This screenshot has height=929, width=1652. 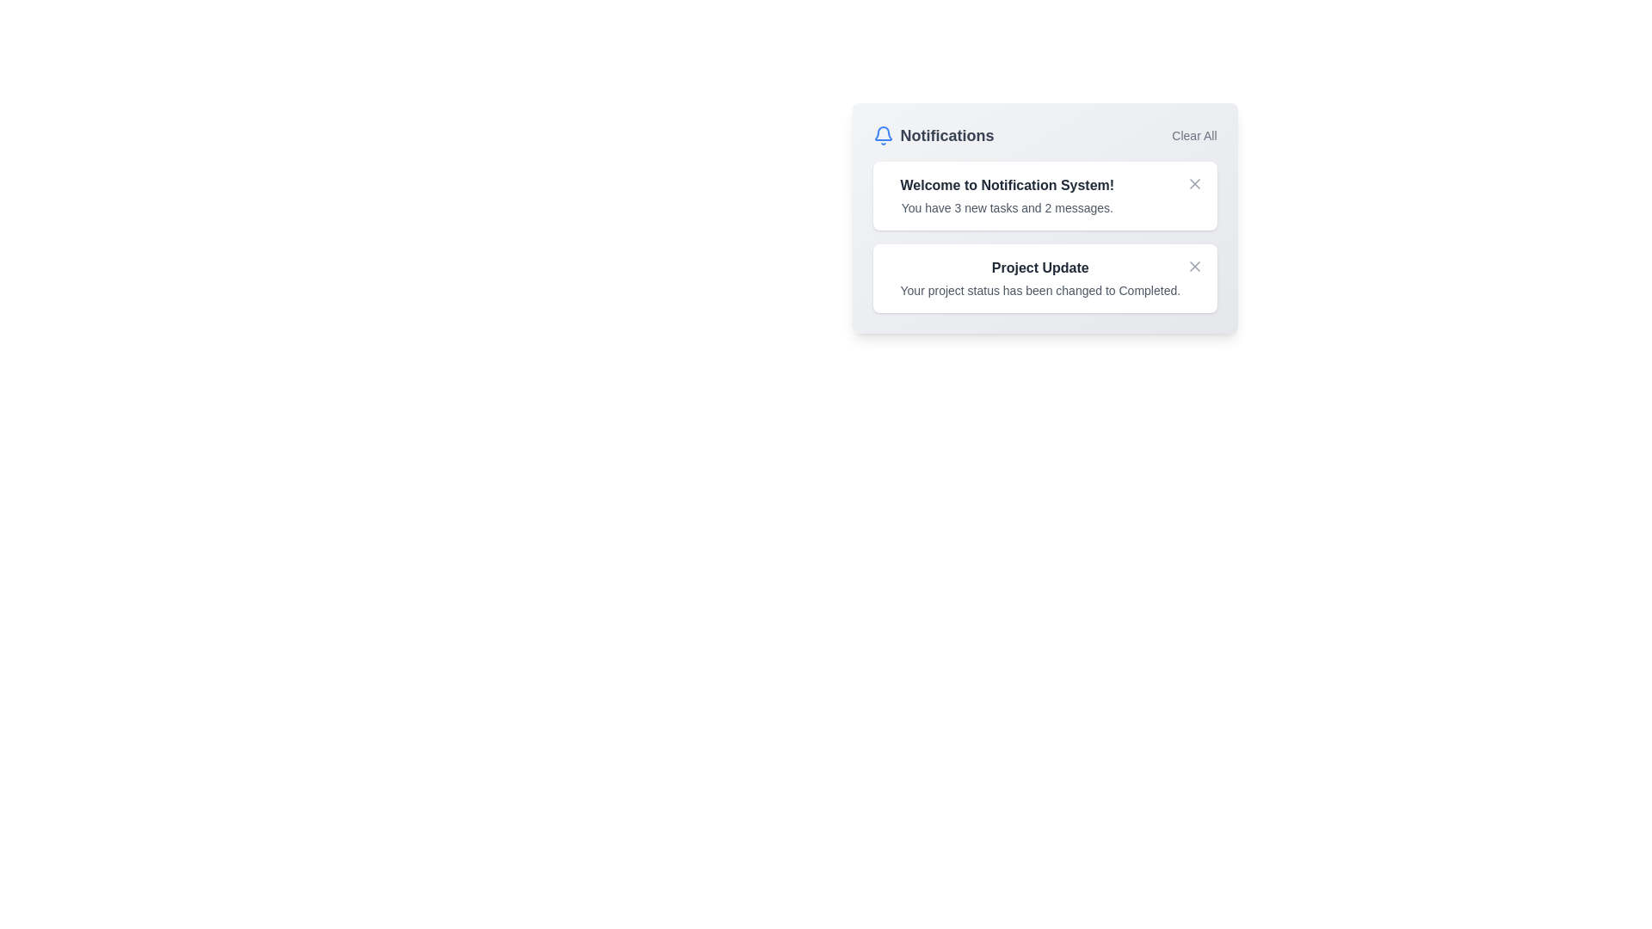 I want to click on the update in the notification message located in the 'Project Update' block under the 'Notifications' header, so click(x=1039, y=278).